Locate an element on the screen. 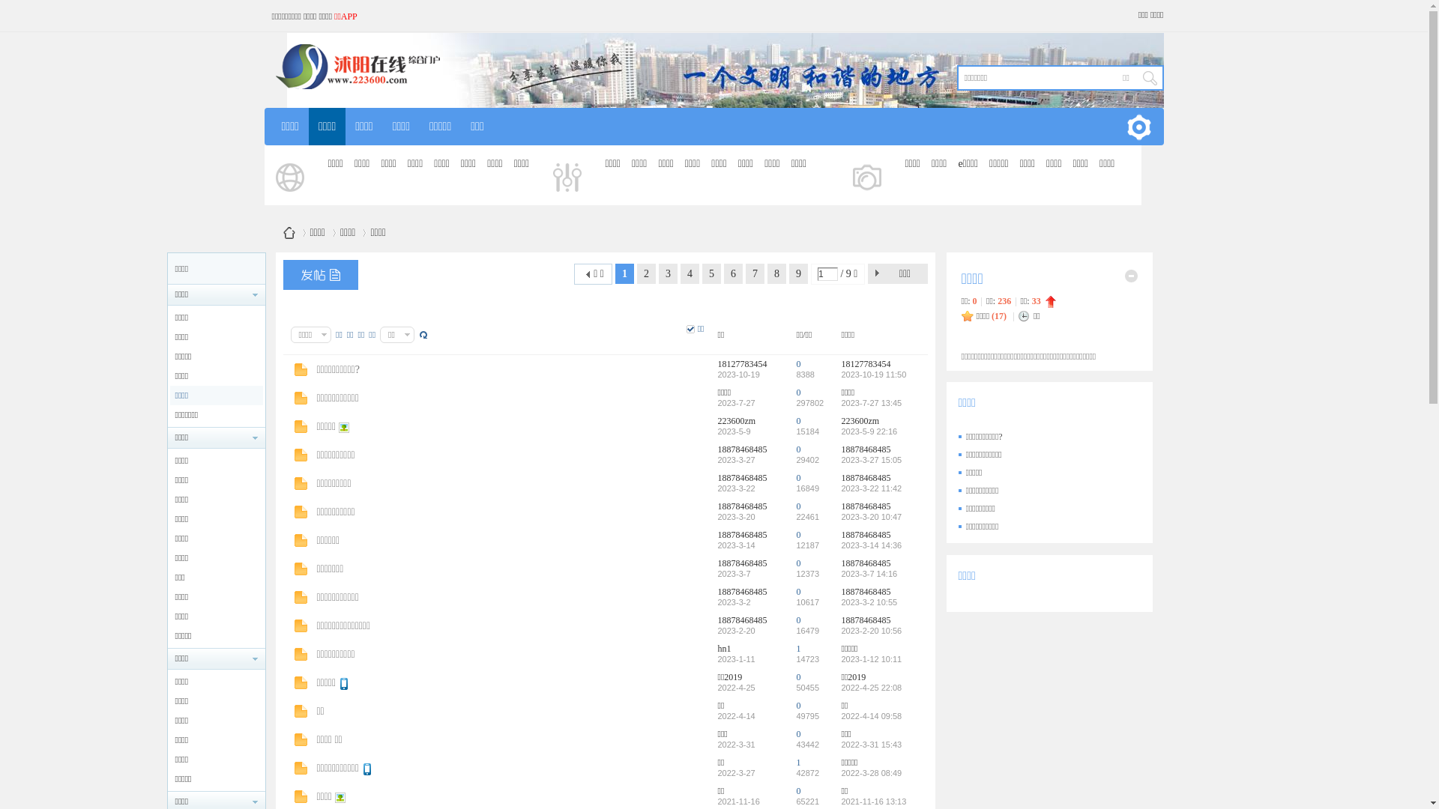 Image resolution: width=1439 pixels, height=809 pixels. '2022-3-31 15:43' is located at coordinates (841, 745).